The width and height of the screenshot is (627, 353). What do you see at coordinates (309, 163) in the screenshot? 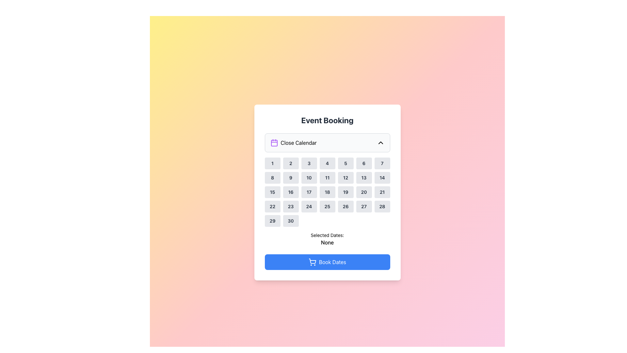
I see `the button displaying the number '3' in the first row and third column of the grid` at bounding box center [309, 163].